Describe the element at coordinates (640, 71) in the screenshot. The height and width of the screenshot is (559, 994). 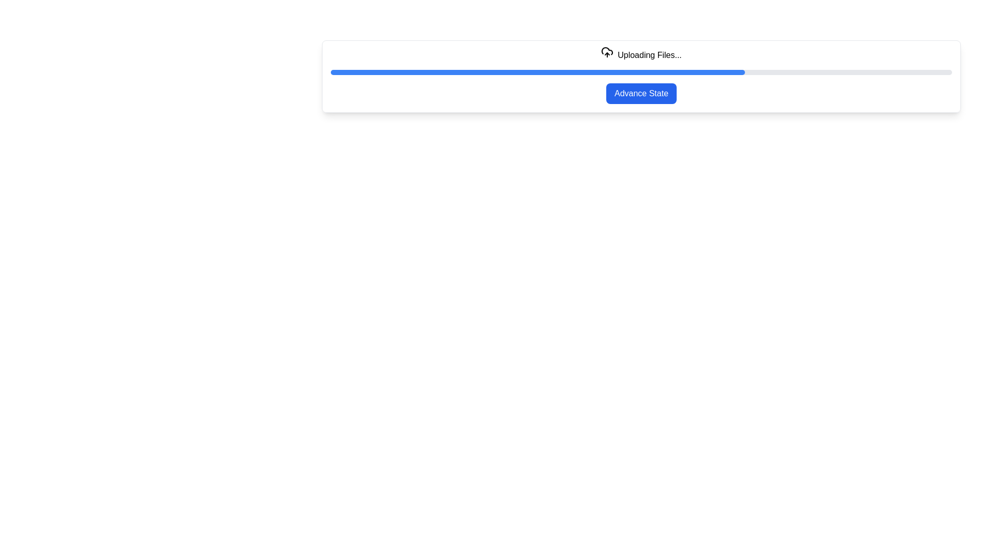
I see `the progress bar which has a gray background and a blue bar indicating progress, located beneath the 'Uploading Files...' text and above the 'Advance State' button` at that location.